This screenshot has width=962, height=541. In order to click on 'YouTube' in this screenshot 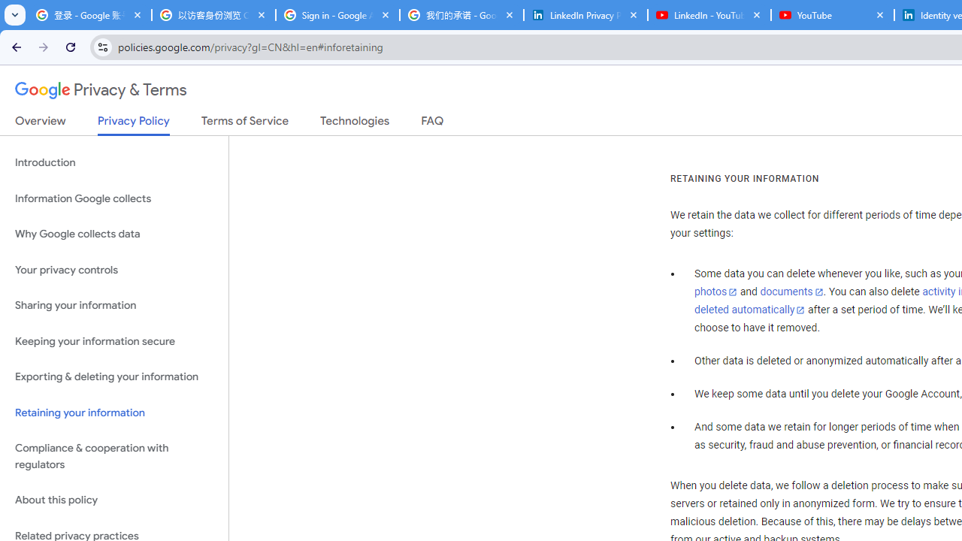, I will do `click(832, 15)`.